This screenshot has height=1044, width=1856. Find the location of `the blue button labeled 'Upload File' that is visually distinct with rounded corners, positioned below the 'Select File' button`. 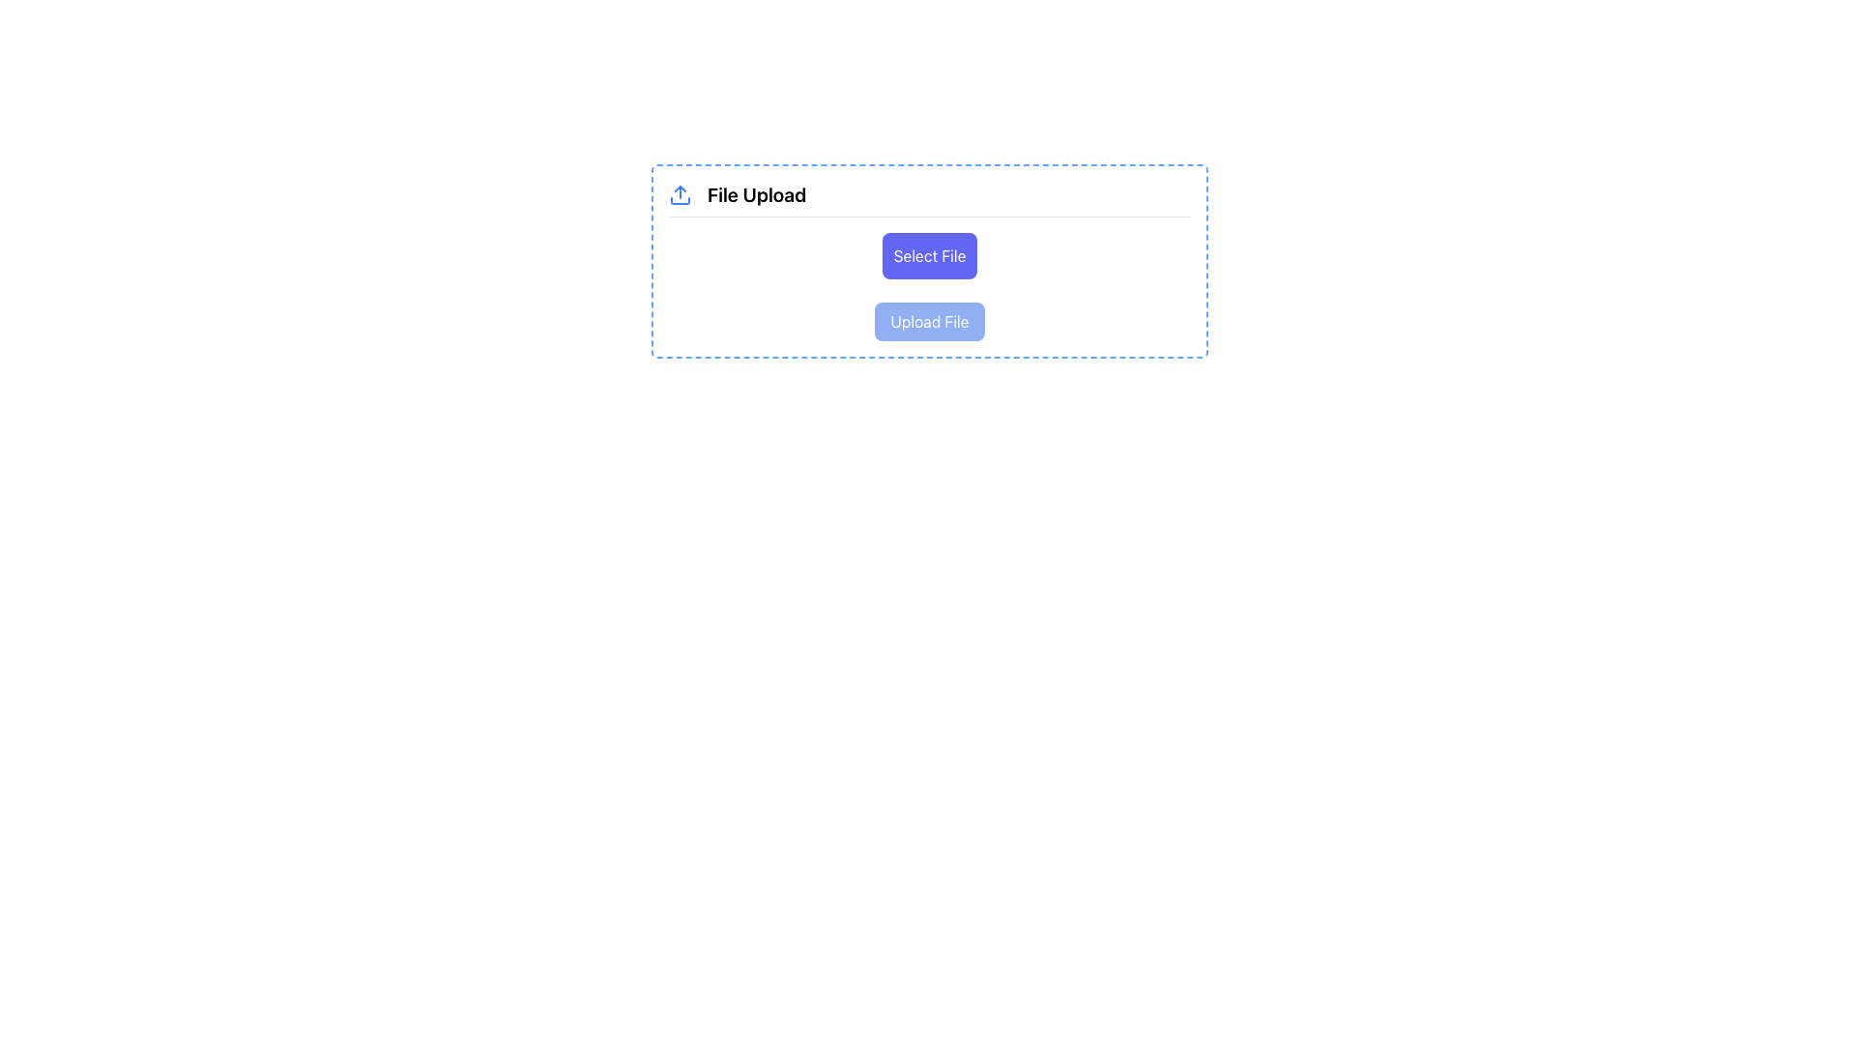

the blue button labeled 'Upload File' that is visually distinct with rounded corners, positioned below the 'Select File' button is located at coordinates (929, 320).